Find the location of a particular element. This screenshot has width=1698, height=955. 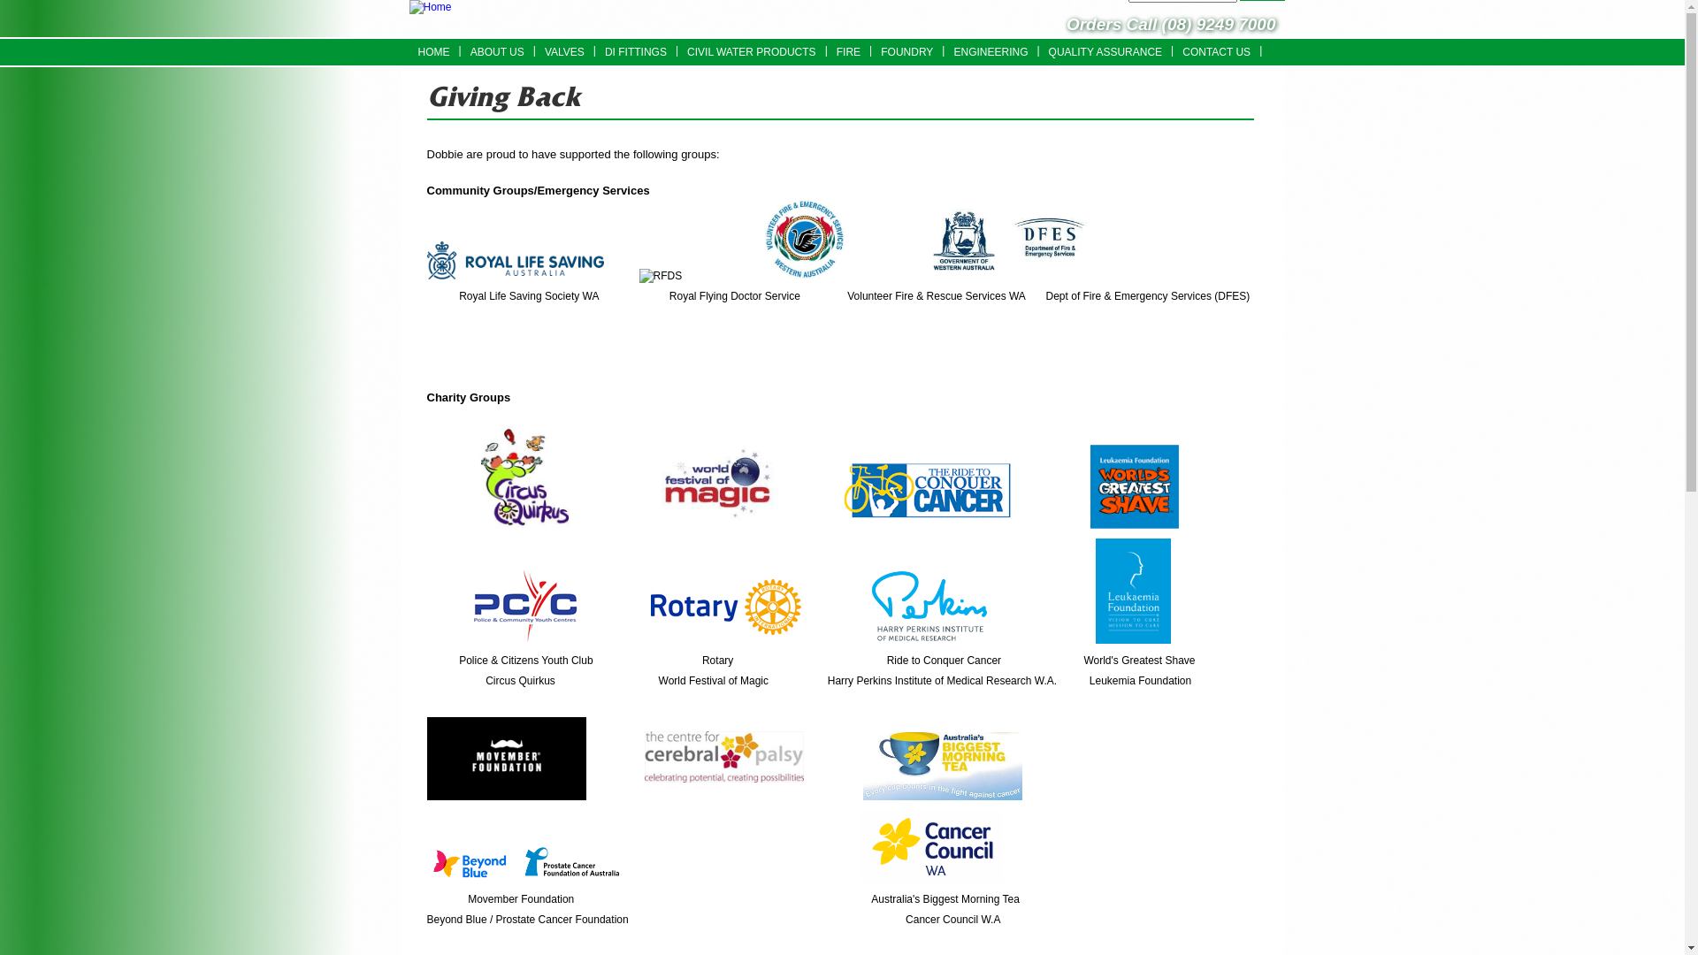

'FIRE' is located at coordinates (847, 51).